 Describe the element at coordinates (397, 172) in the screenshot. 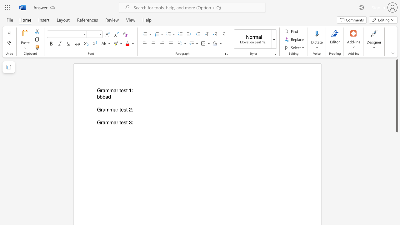

I see `the scrollbar to move the page down` at that location.